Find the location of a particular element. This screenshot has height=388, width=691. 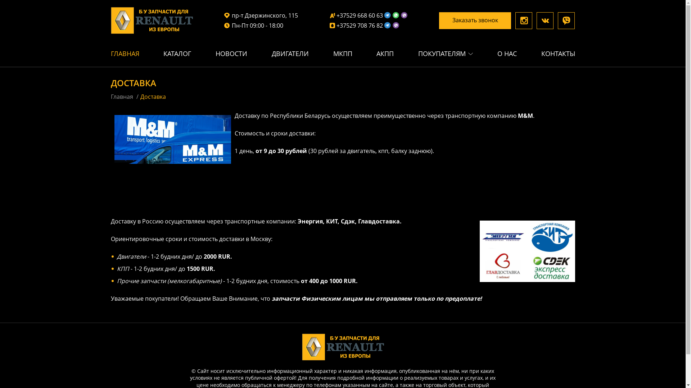

'+37529 708 76 82' is located at coordinates (329, 25).